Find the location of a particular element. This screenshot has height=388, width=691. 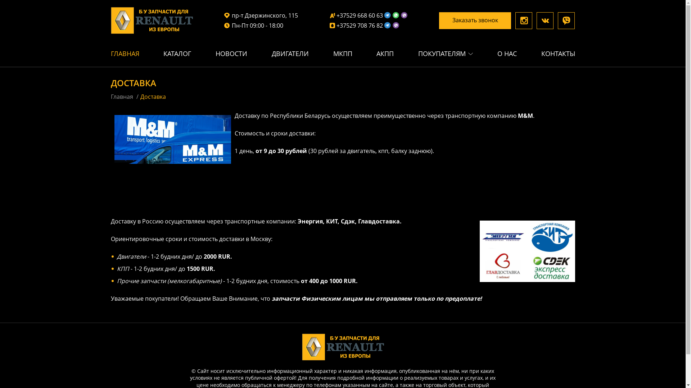

'+37529 708 76 82' is located at coordinates (329, 25).